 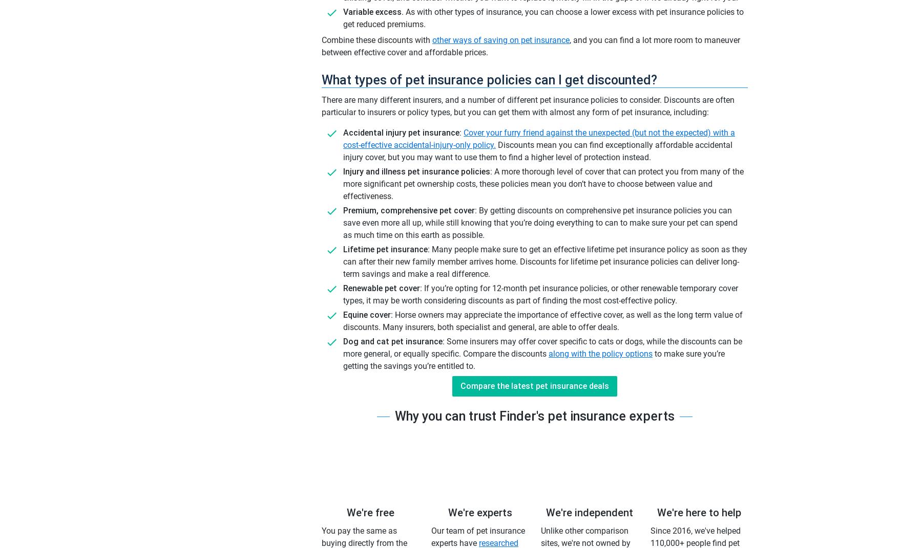 What do you see at coordinates (410, 210) in the screenshot?
I see `'Premium, comprehensive pet cover:'` at bounding box center [410, 210].